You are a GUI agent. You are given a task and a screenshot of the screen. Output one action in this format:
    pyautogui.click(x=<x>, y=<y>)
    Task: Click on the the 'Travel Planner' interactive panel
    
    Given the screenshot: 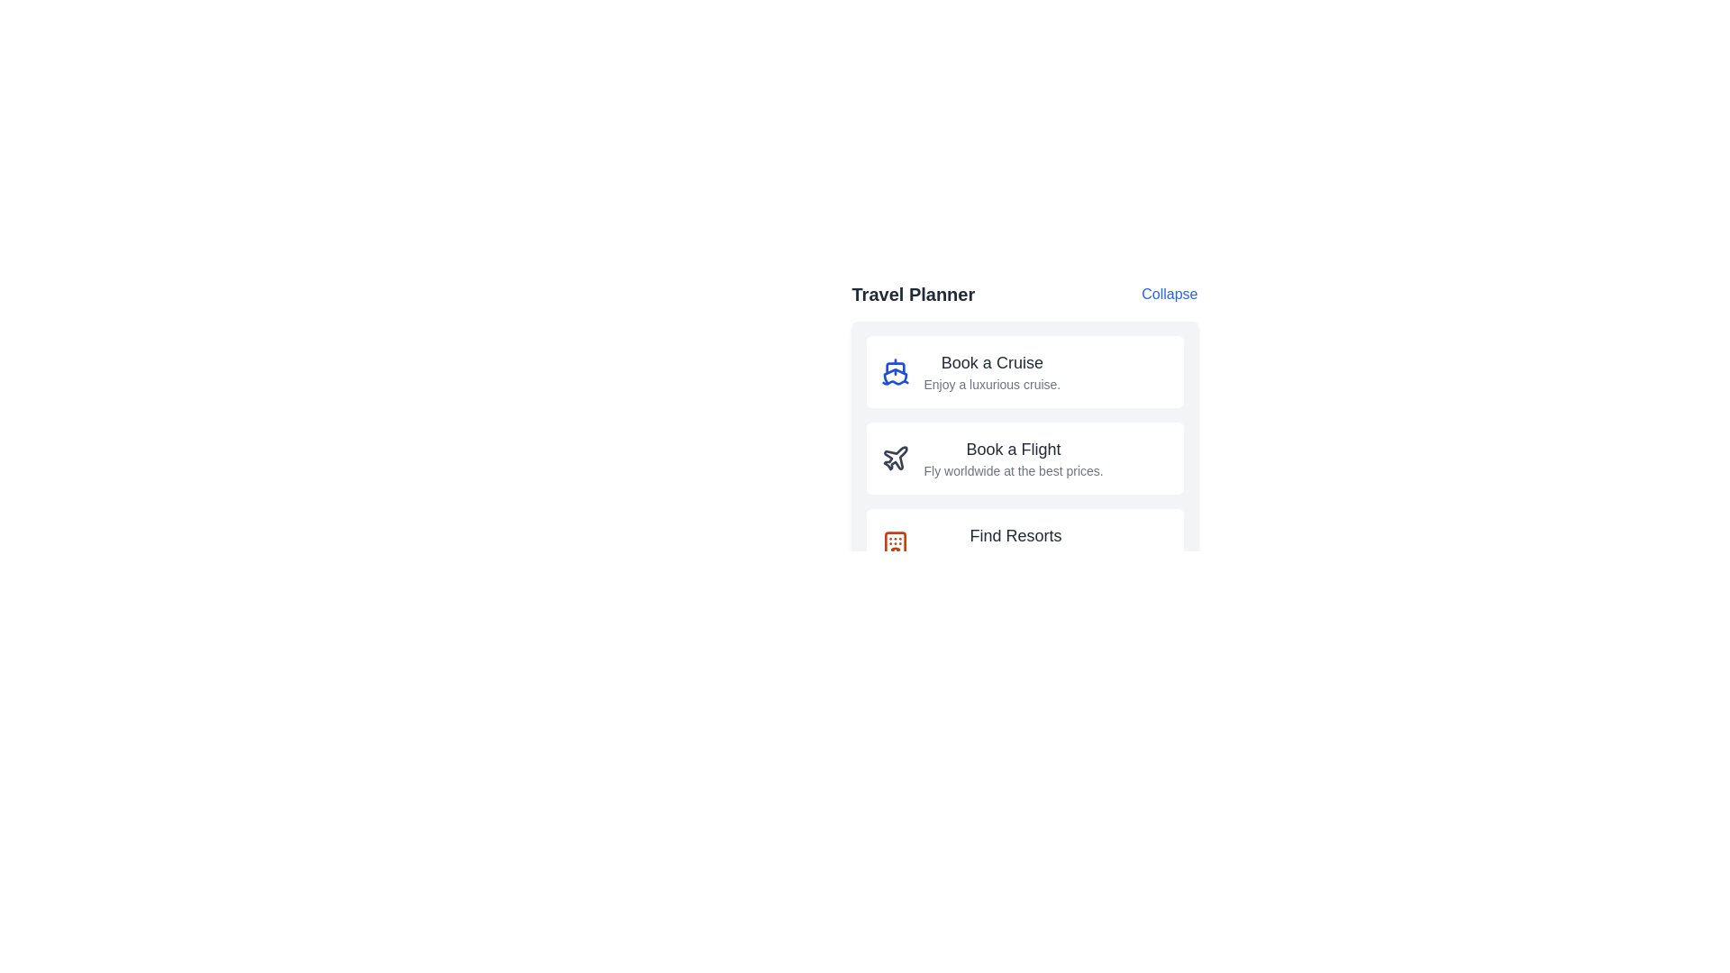 What is the action you would take?
    pyautogui.click(x=1024, y=431)
    